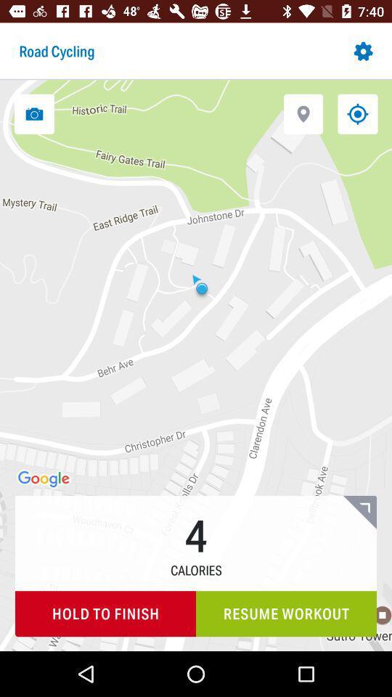  Describe the element at coordinates (286, 613) in the screenshot. I see `the icon next to the hold to finish icon` at that location.